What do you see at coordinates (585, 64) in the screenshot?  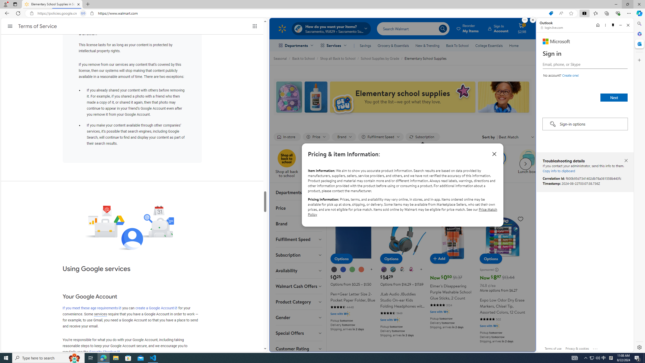 I see `'Enter your email, phone, or Skype.'` at bounding box center [585, 64].